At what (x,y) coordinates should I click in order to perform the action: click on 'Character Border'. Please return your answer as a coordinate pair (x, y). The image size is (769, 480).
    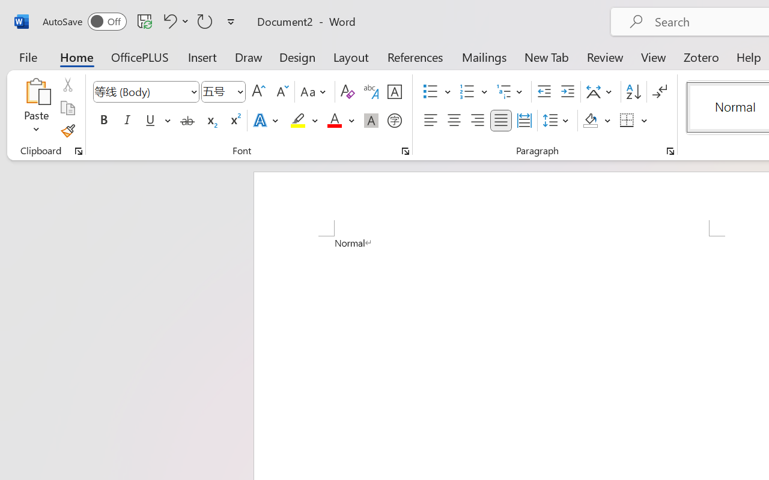
    Looking at the image, I should click on (394, 92).